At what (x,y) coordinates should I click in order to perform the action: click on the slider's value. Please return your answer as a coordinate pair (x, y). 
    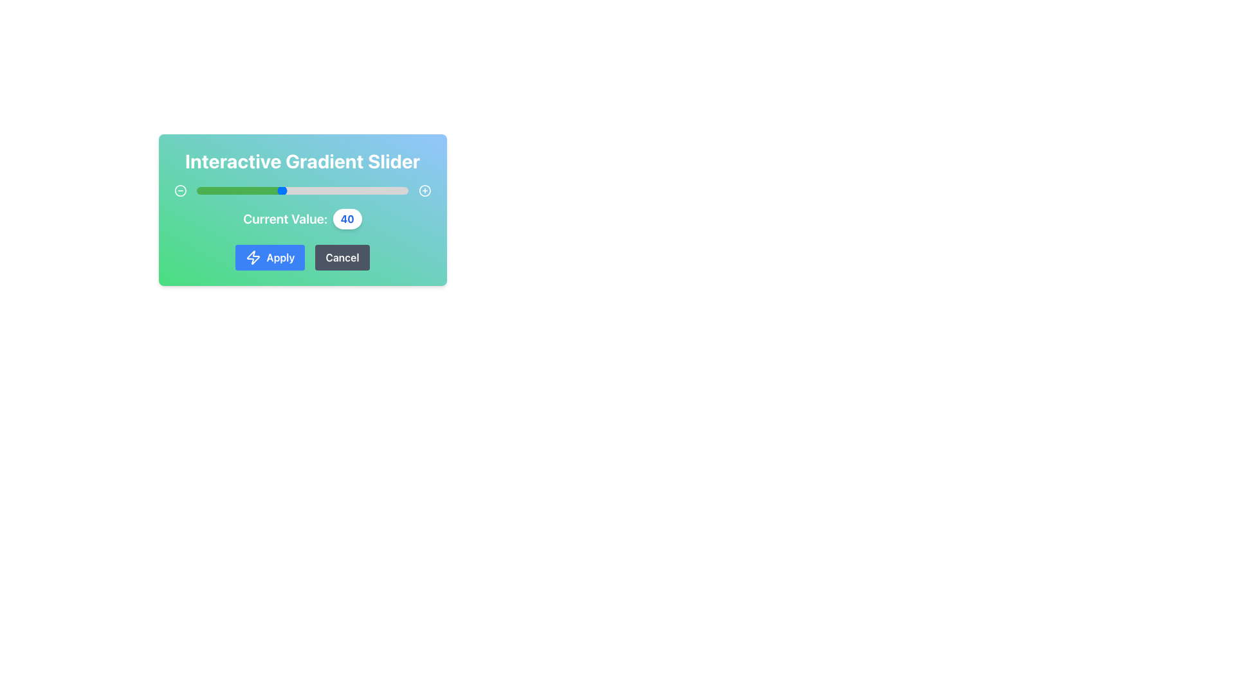
    Looking at the image, I should click on (214, 191).